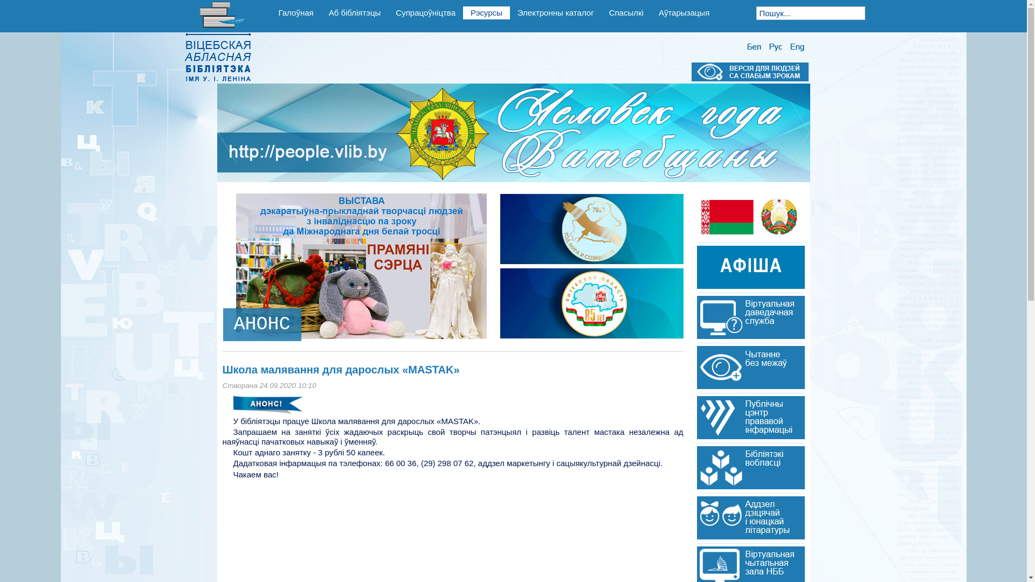  I want to click on 'English (UK)', so click(797, 47).